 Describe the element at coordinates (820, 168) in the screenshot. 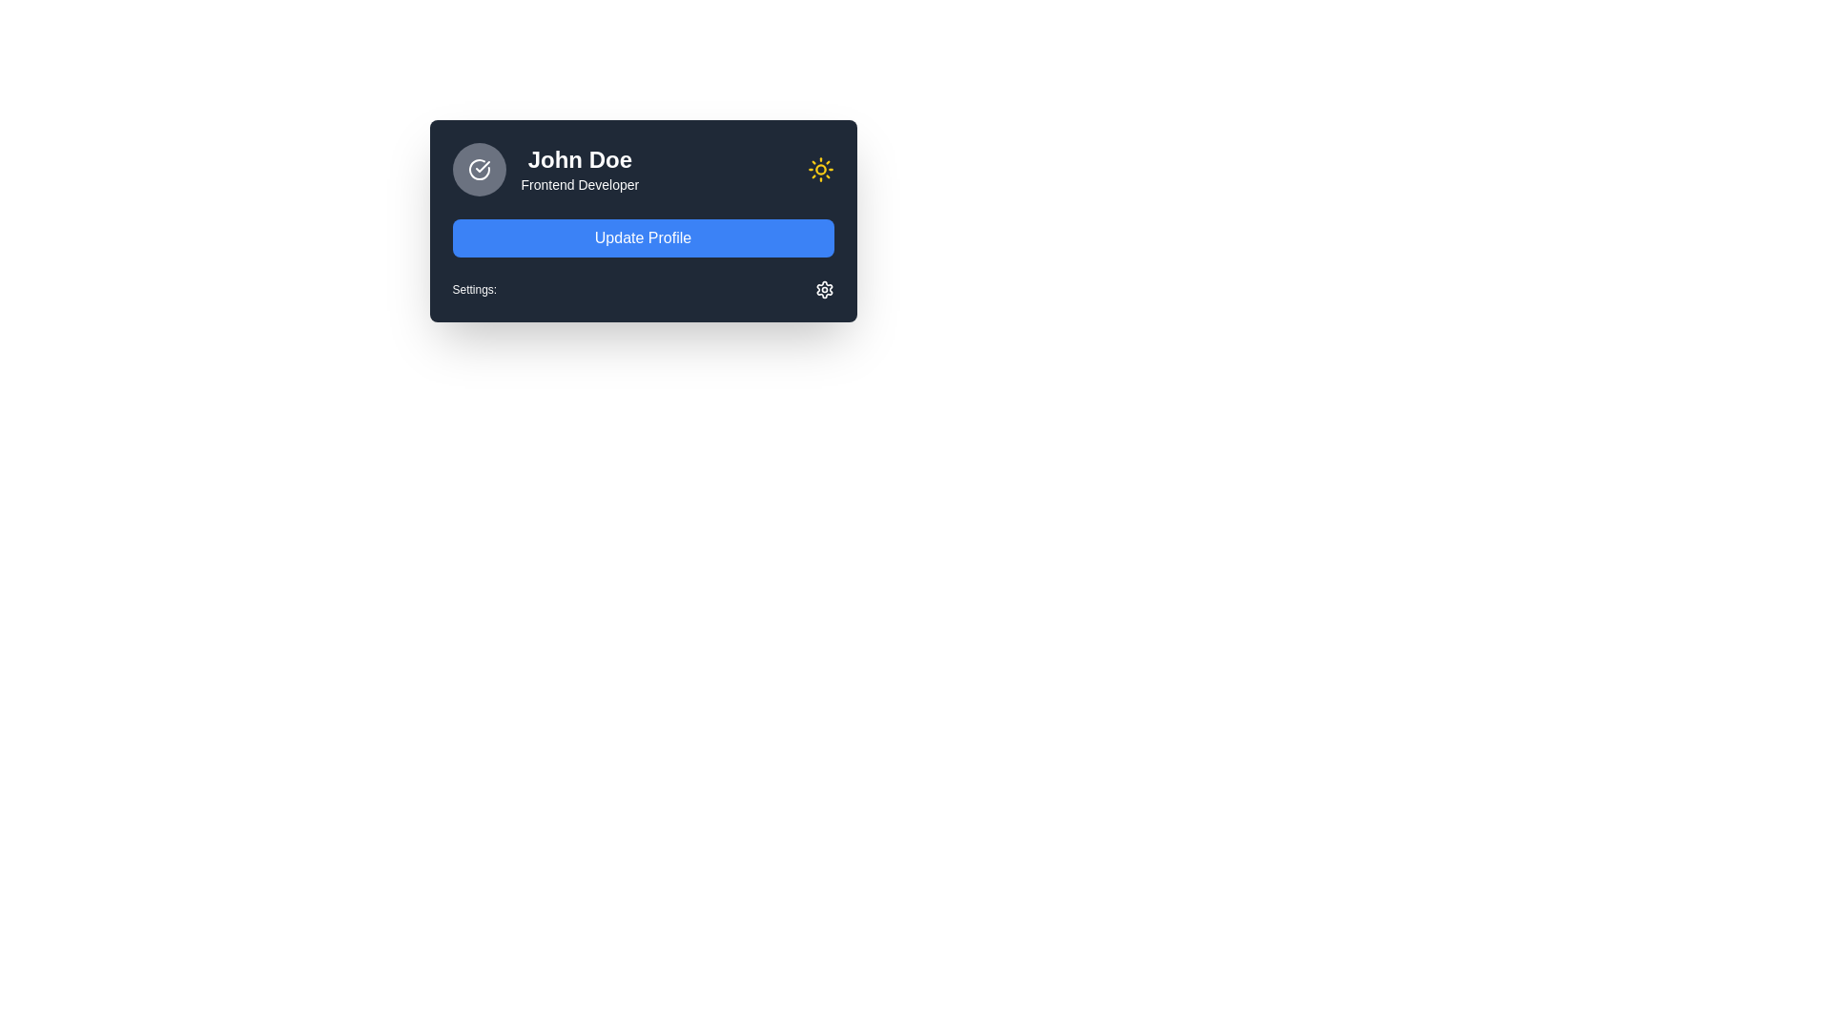

I see `the decorative circular SVG component representing a sun, located to the right of the profile name and designation text within the card` at that location.